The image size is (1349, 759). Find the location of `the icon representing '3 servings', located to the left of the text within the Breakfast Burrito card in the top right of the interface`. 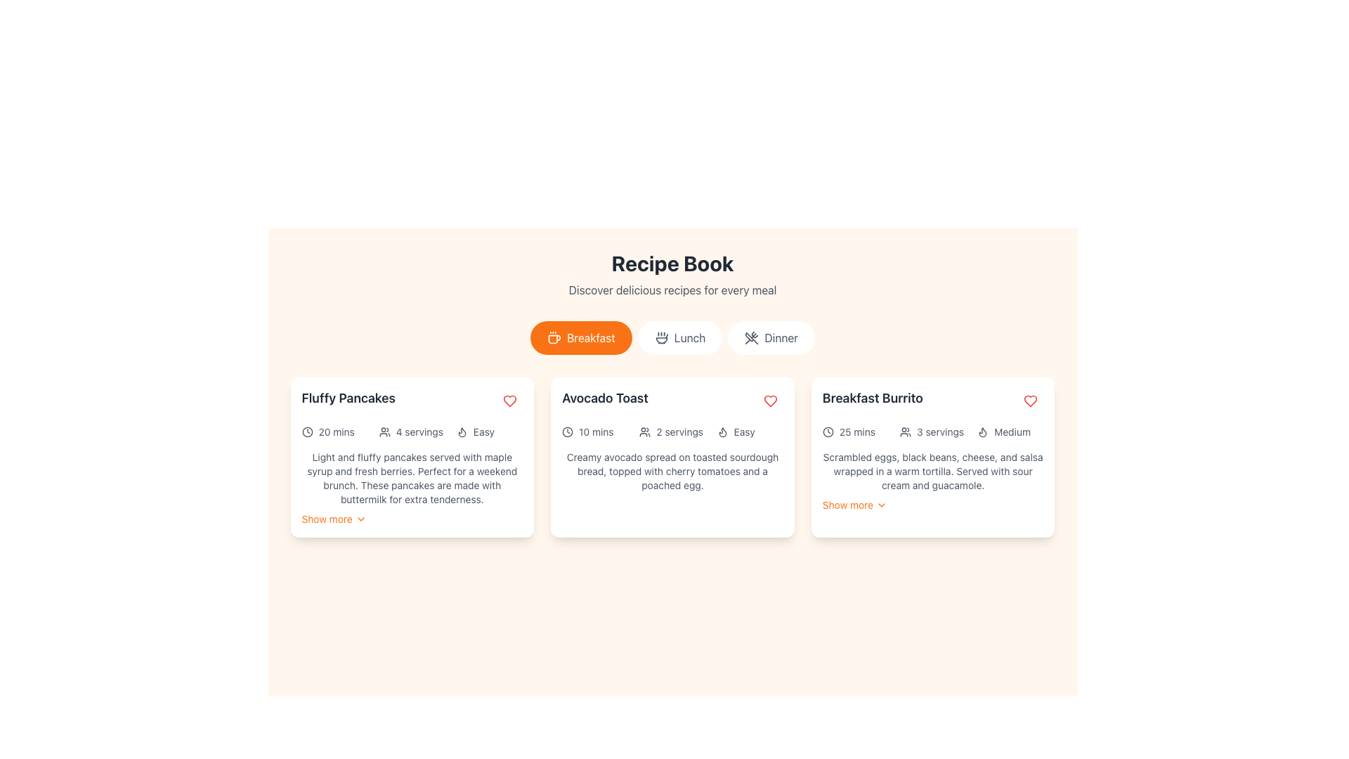

the icon representing '3 servings', located to the left of the text within the Breakfast Burrito card in the top right of the interface is located at coordinates (906, 431).